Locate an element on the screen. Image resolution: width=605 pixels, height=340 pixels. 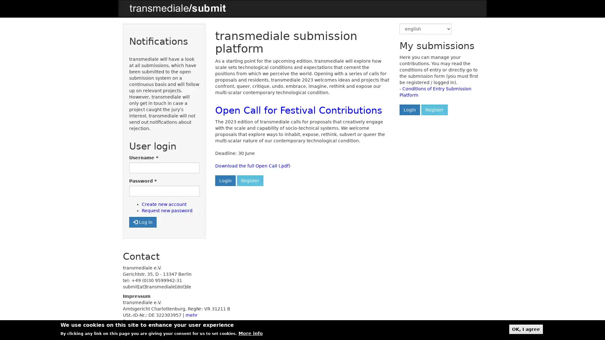
OK, I agree is located at coordinates (526, 329).